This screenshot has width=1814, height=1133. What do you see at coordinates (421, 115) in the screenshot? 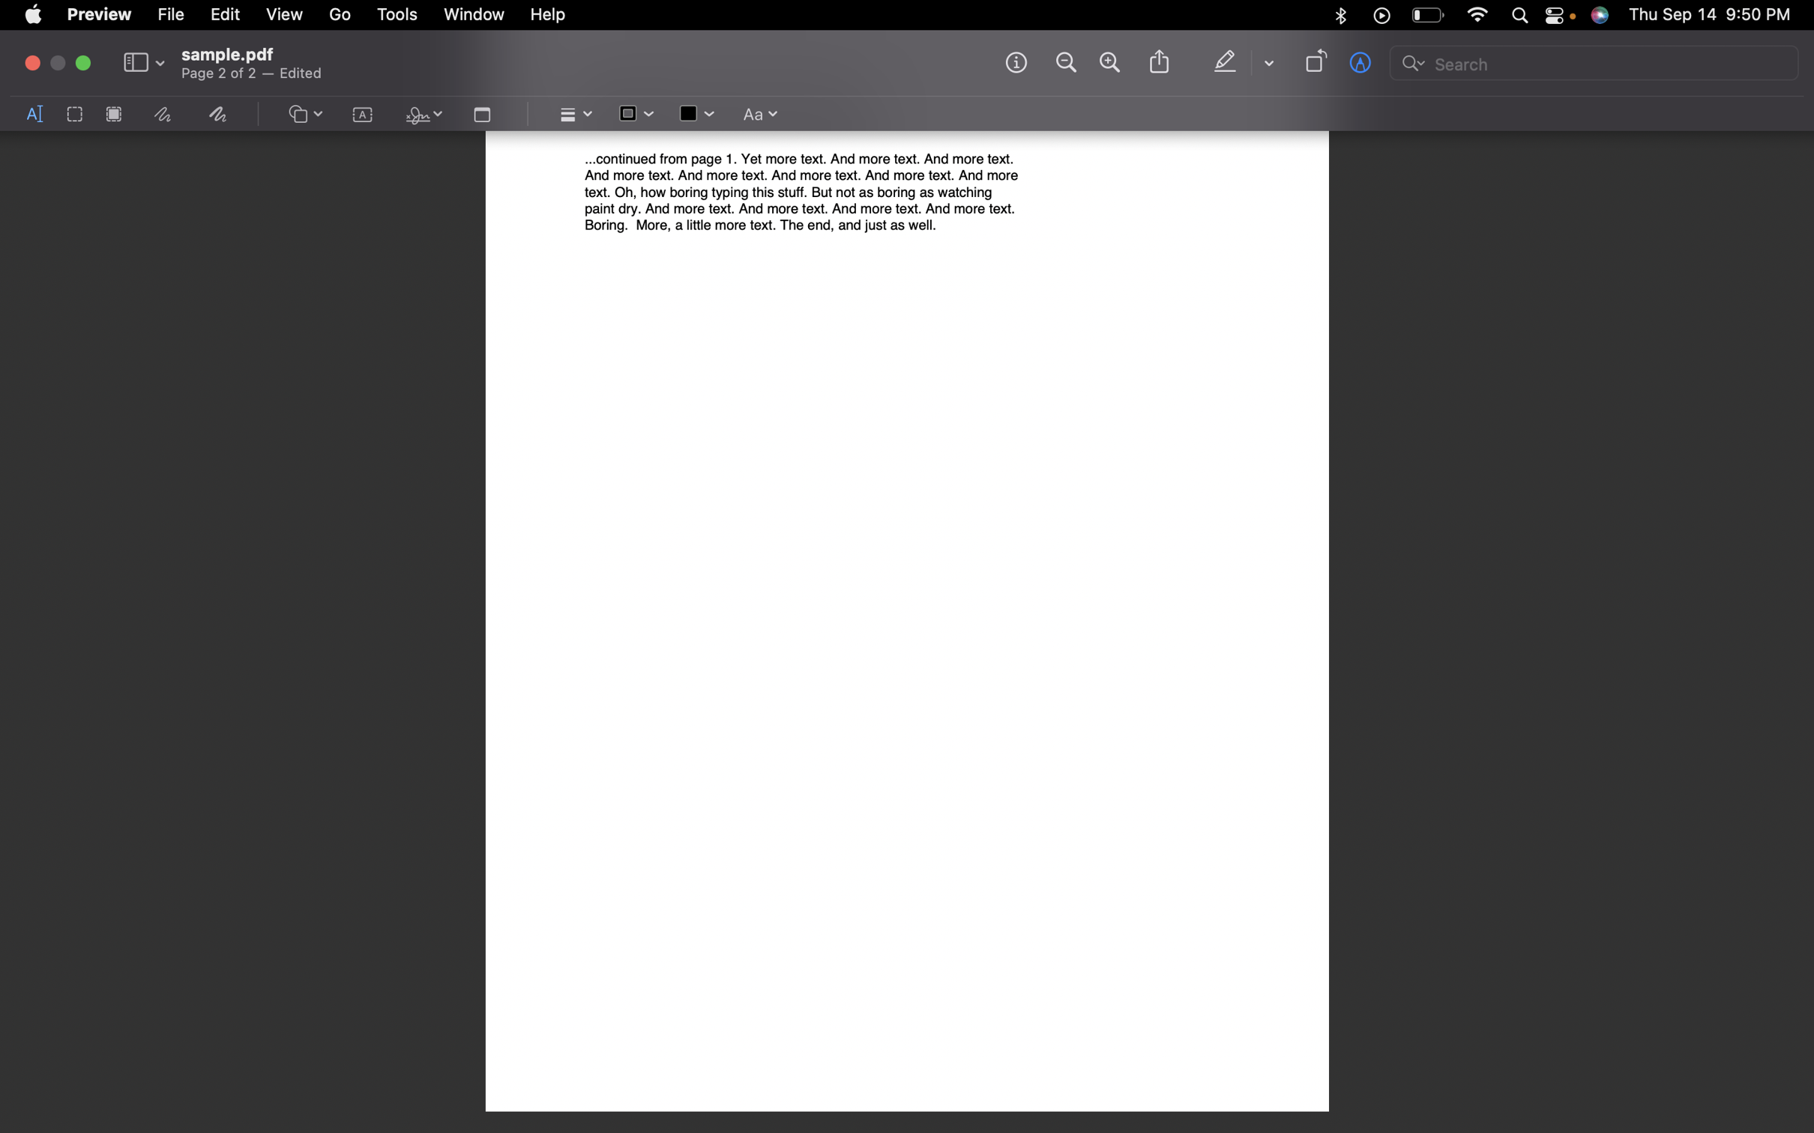
I see `the signature panel` at bounding box center [421, 115].